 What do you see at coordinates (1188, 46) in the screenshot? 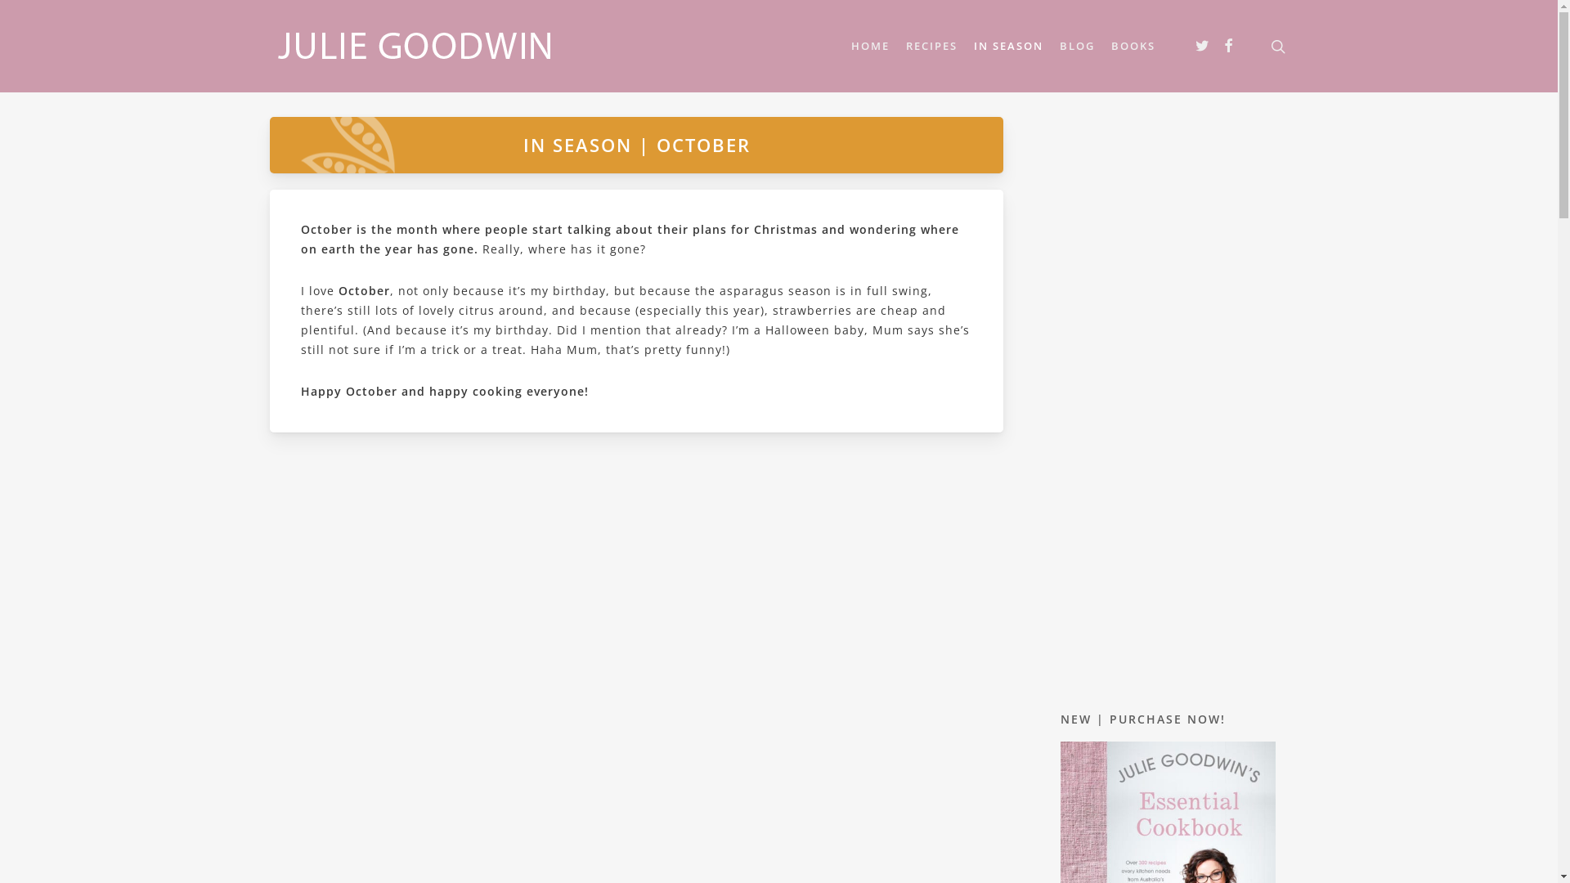
I see `'TWITTER'` at bounding box center [1188, 46].